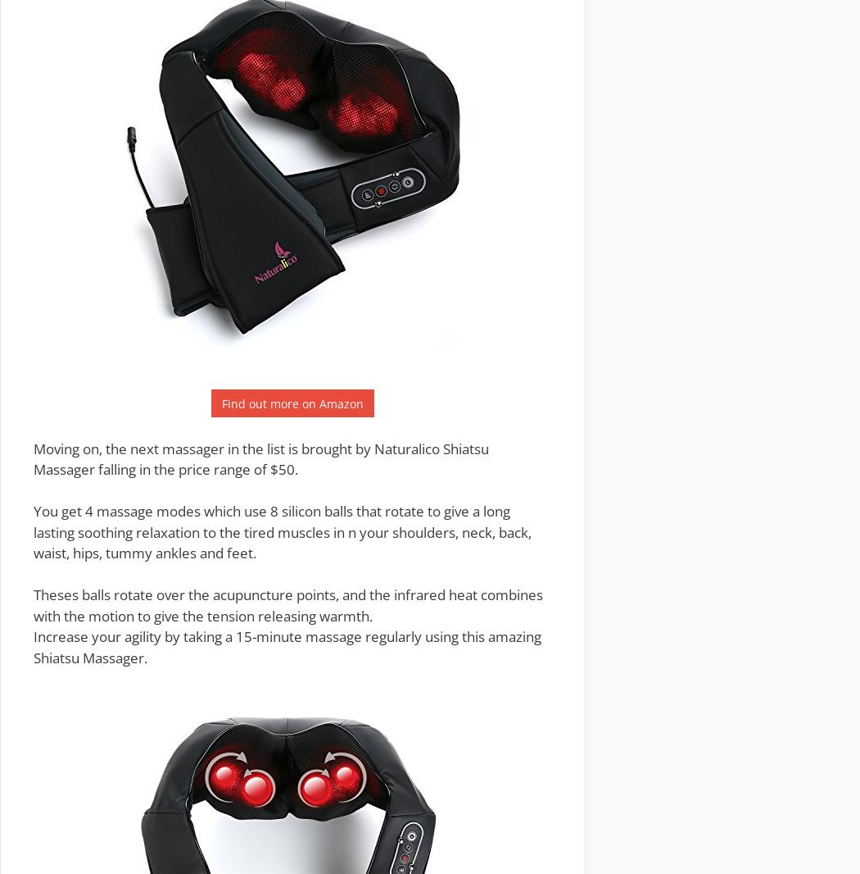  Describe the element at coordinates (203, 447) in the screenshot. I see `'Moving on, the next massager in the list is brought by'` at that location.